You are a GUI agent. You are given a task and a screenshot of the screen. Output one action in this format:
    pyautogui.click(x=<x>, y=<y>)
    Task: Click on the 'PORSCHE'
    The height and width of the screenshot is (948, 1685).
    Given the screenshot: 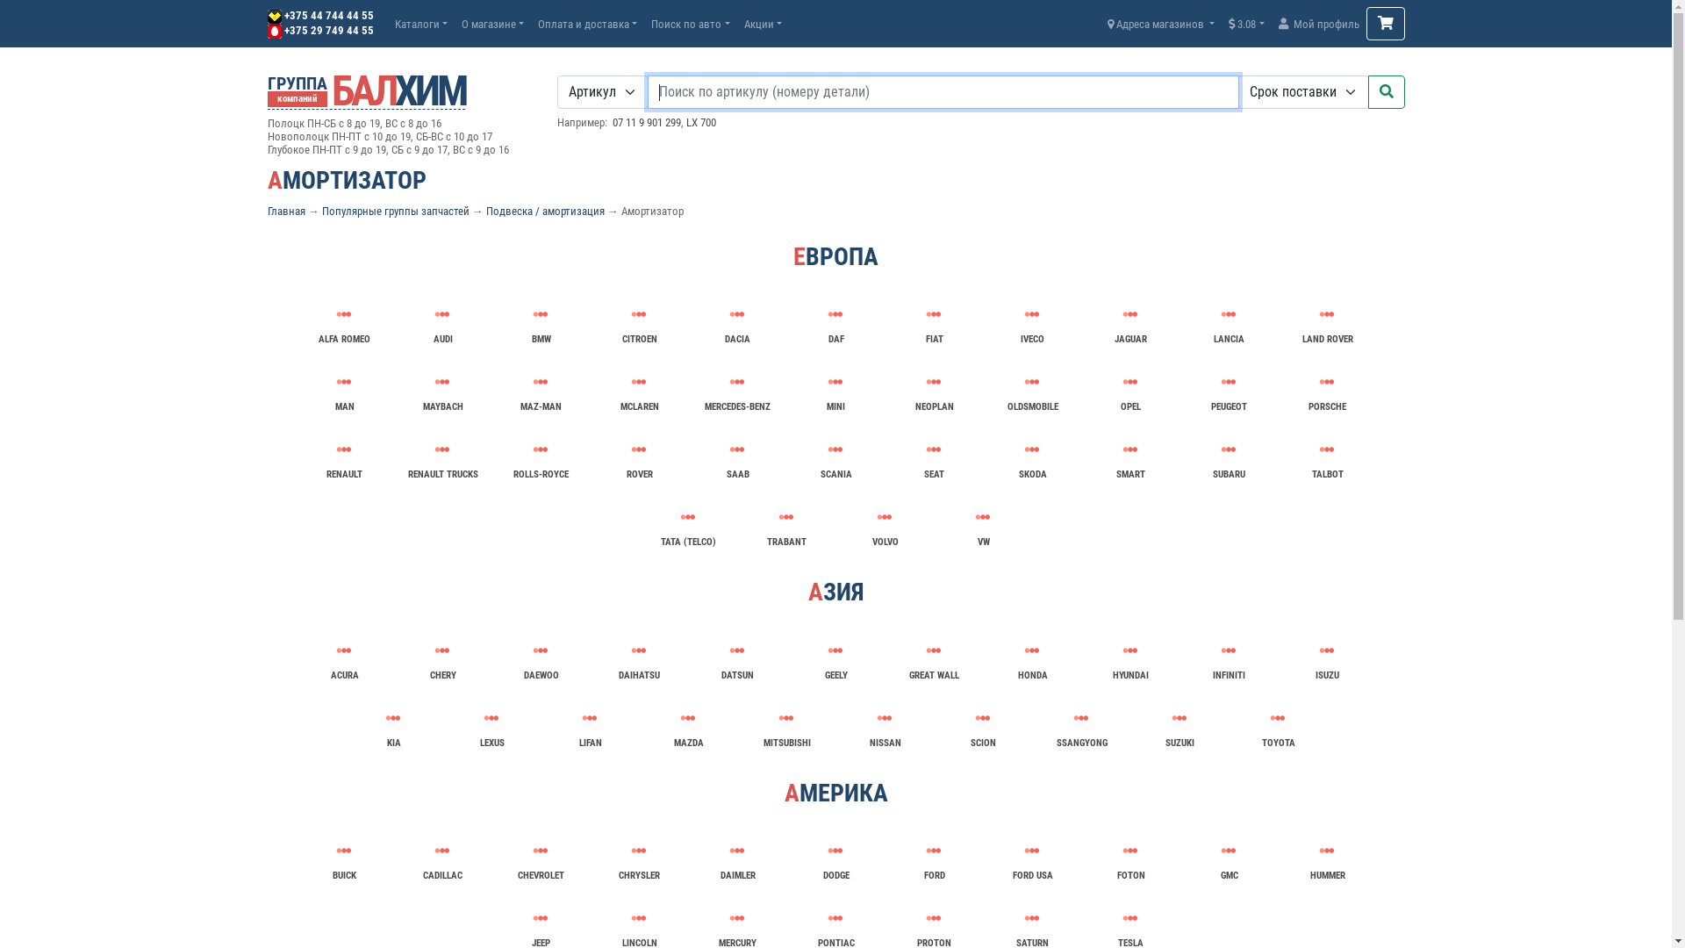 What is the action you would take?
    pyautogui.click(x=1327, y=381)
    